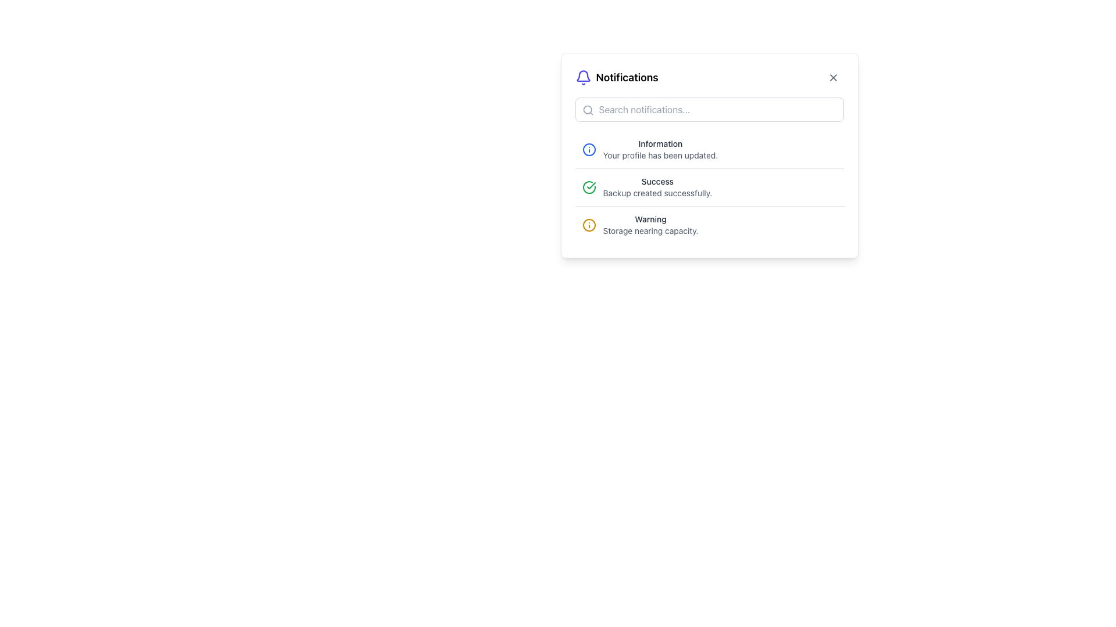  What do you see at coordinates (709, 225) in the screenshot?
I see `the static Notification box that warns the user about storage nearing capacity, located as the third item in the notification list` at bounding box center [709, 225].